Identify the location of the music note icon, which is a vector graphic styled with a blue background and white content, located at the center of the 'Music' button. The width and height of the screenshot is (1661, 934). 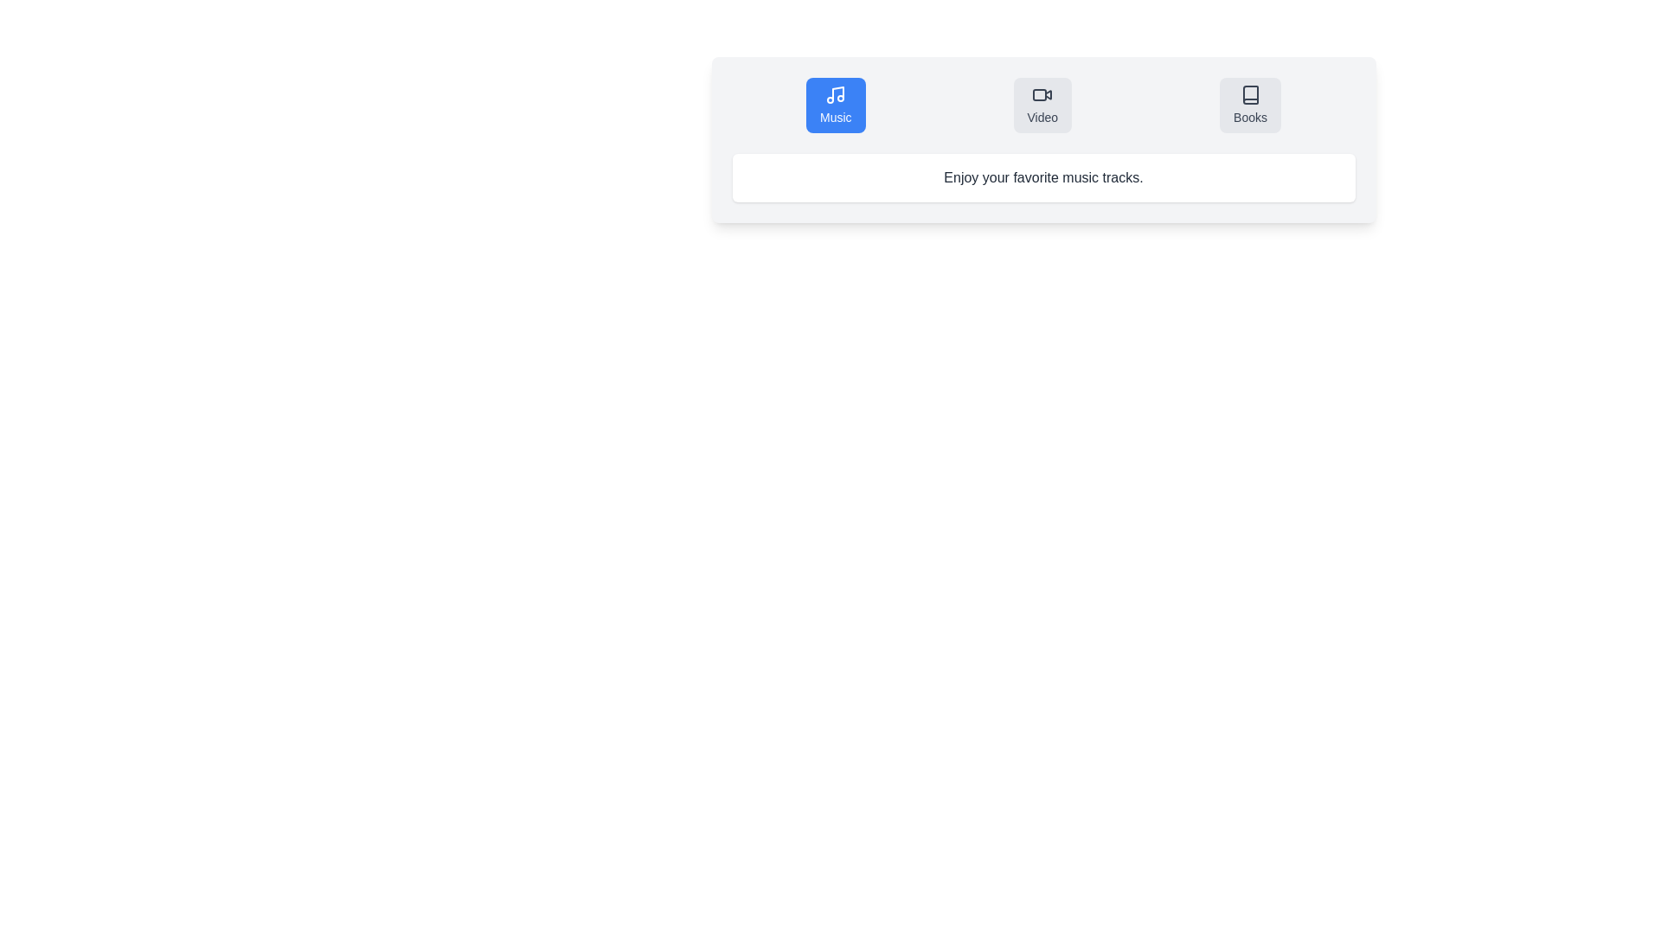
(836, 95).